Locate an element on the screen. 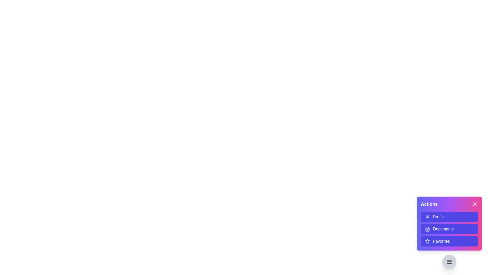 Image resolution: width=488 pixels, height=275 pixels. the rectangular icon representing a file, which has a folded corner at the top-right and is outlined in blue, located next to the 'Documents' text in the action menu at the bottom-right of the application interface is located at coordinates (427, 229).